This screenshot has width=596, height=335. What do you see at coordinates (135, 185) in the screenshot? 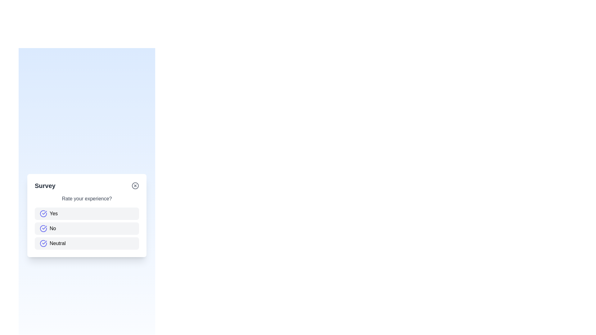
I see `the close button to close the survey dialog` at bounding box center [135, 185].